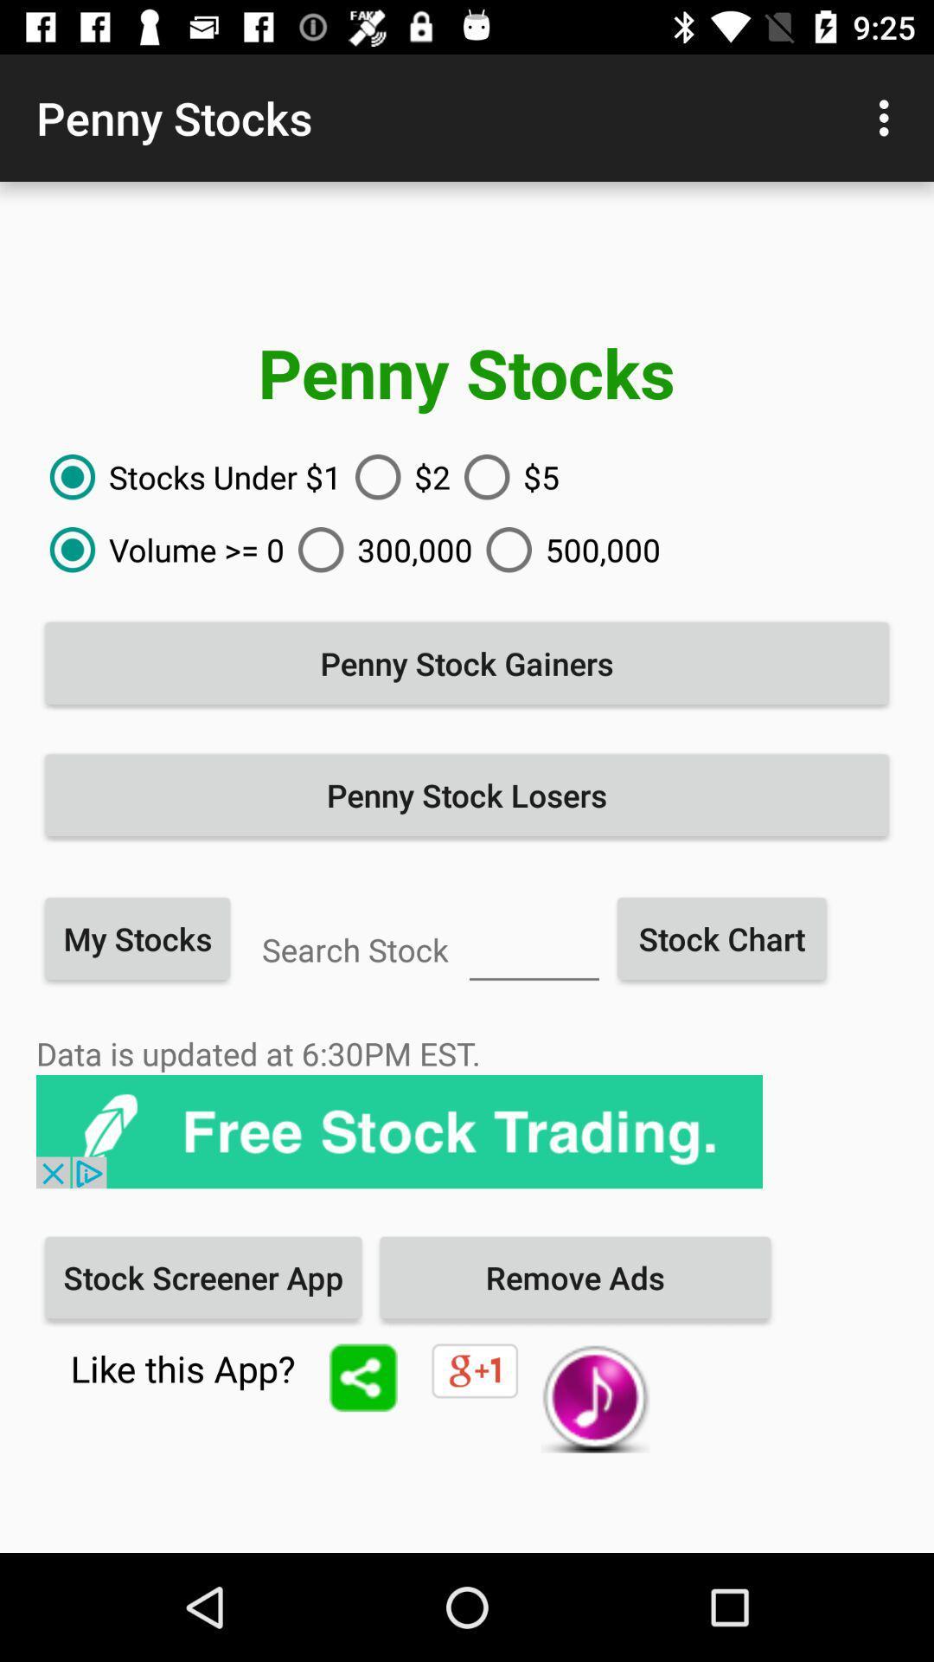 This screenshot has height=1662, width=934. I want to click on type stock chart, so click(533, 945).